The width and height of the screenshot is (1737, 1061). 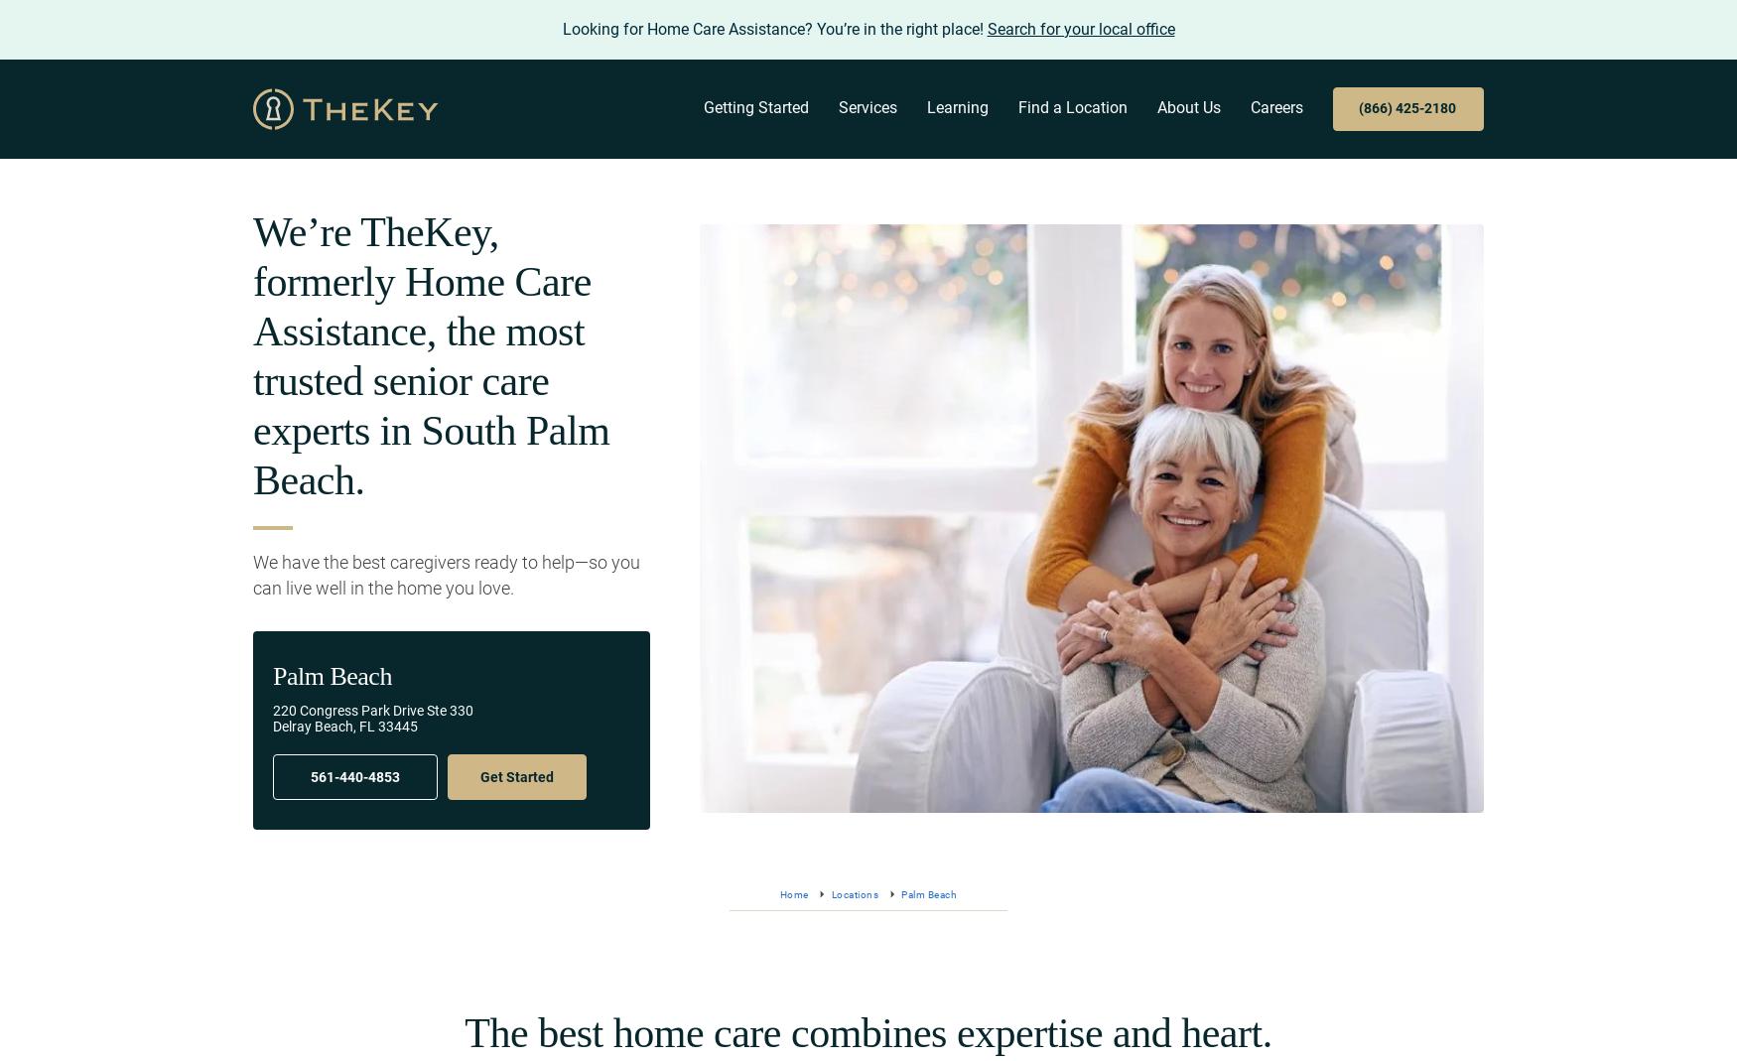 What do you see at coordinates (835, 233) in the screenshot?
I see `'Memory Care at Home'` at bounding box center [835, 233].